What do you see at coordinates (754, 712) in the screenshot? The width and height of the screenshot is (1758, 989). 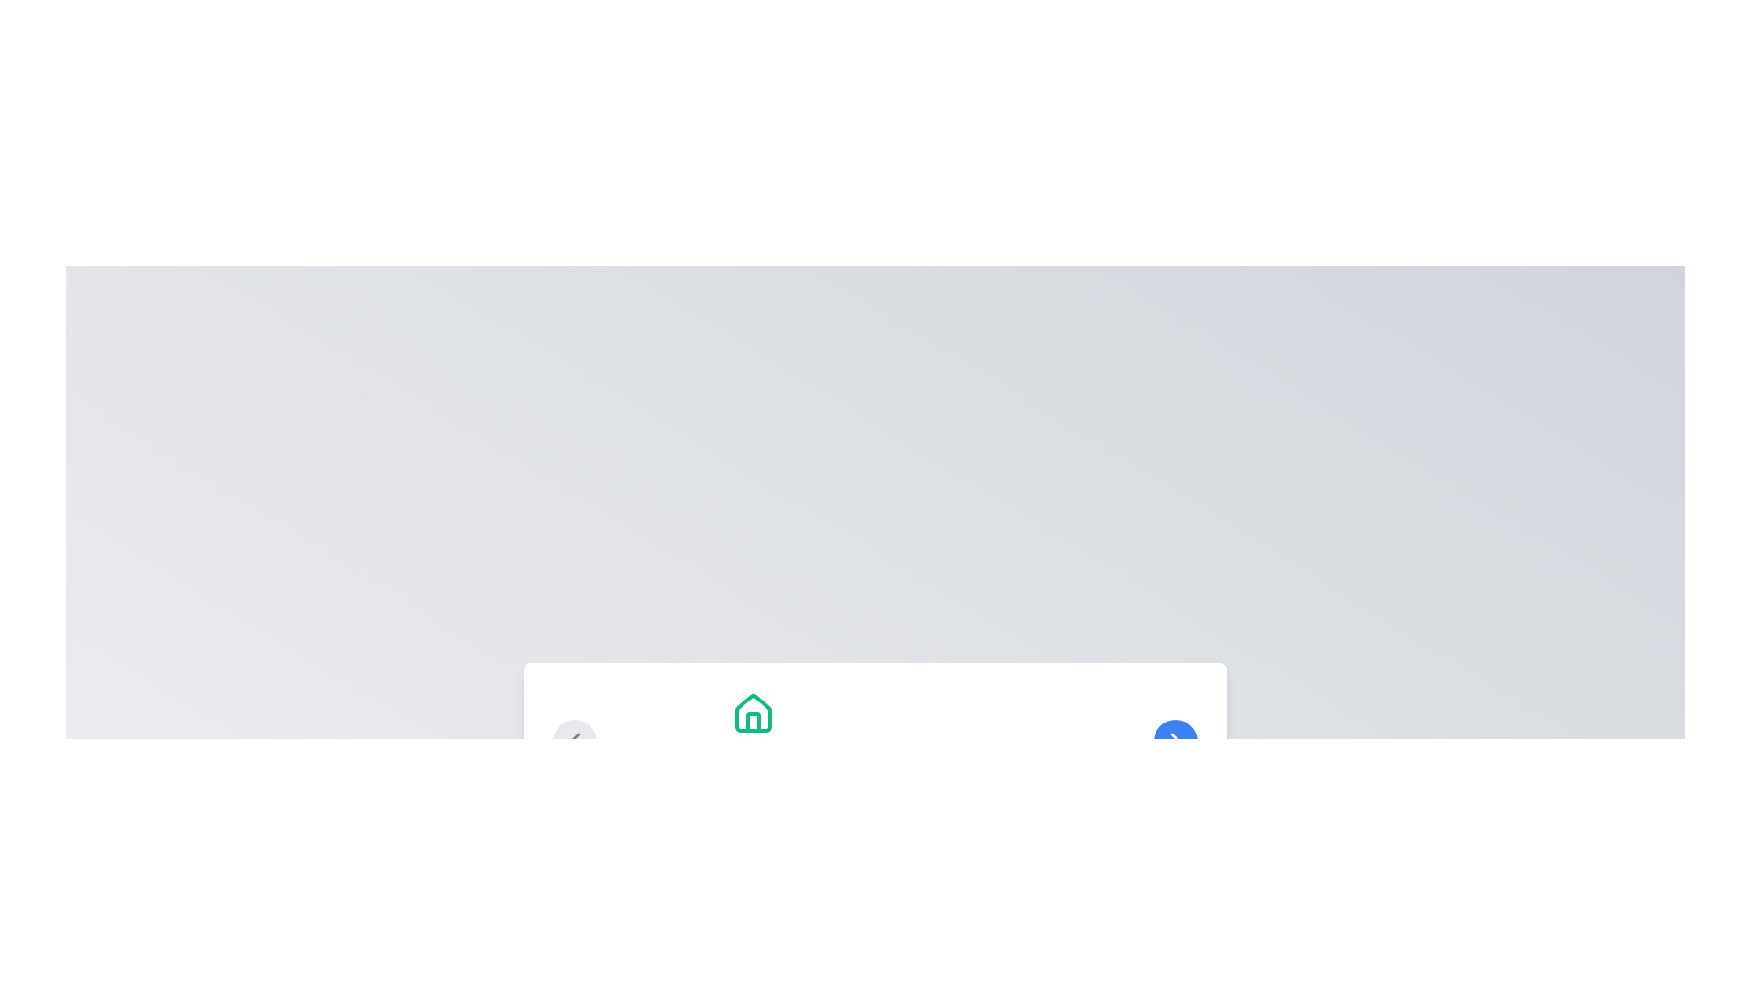 I see `the green house icon located above the 'Welcome Home' heading` at bounding box center [754, 712].